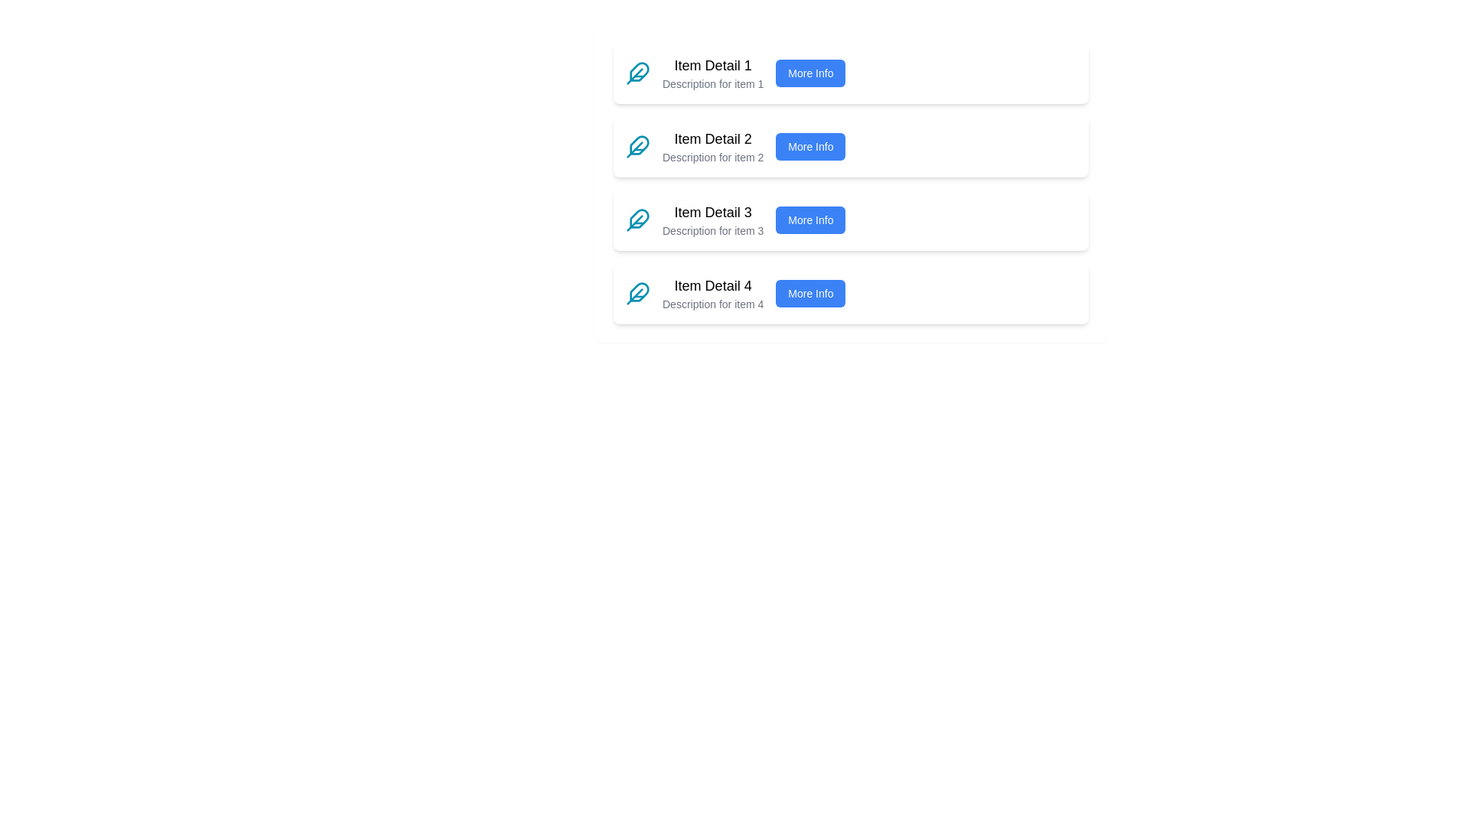 Image resolution: width=1469 pixels, height=826 pixels. I want to click on the button located on the right side of the 'Item Detail 2' section, so click(809, 147).